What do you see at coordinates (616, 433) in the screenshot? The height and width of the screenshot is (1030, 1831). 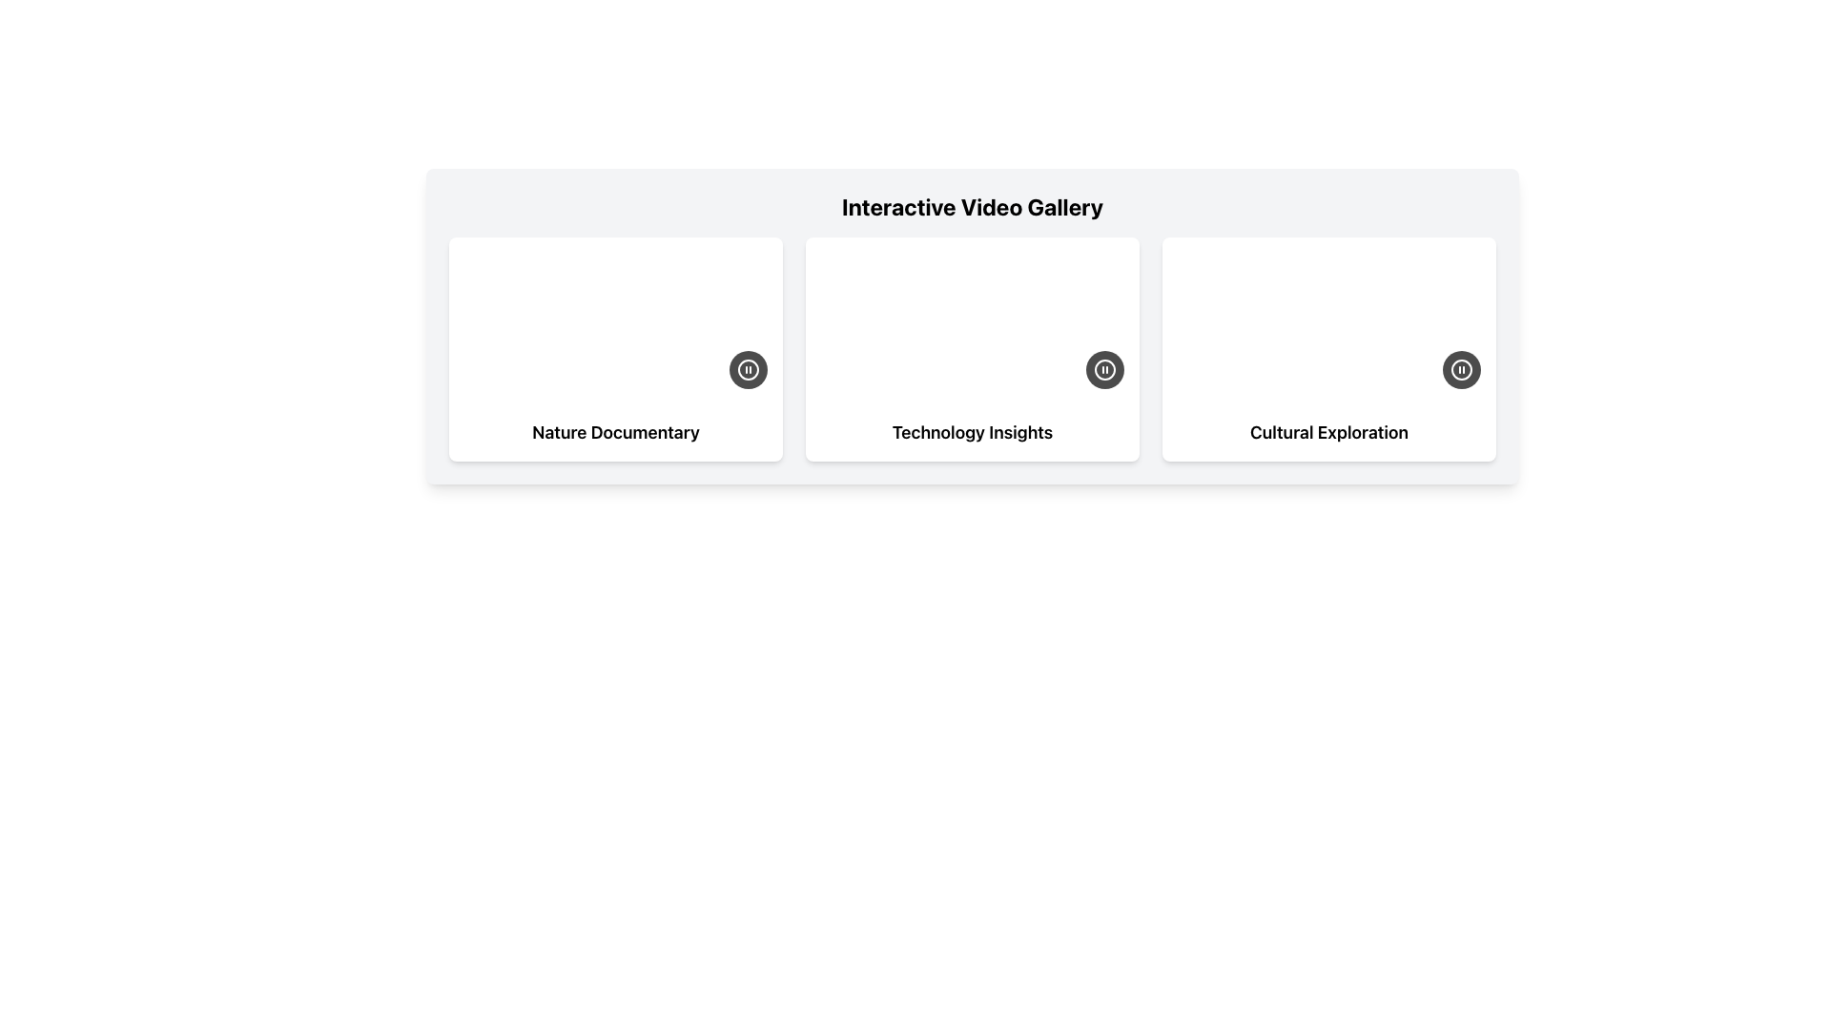 I see `text of the Text Label located in the bottom-center part of the leftmost section under 'Interactive Video Gallery', positioned directly above a circular decorative icon` at bounding box center [616, 433].